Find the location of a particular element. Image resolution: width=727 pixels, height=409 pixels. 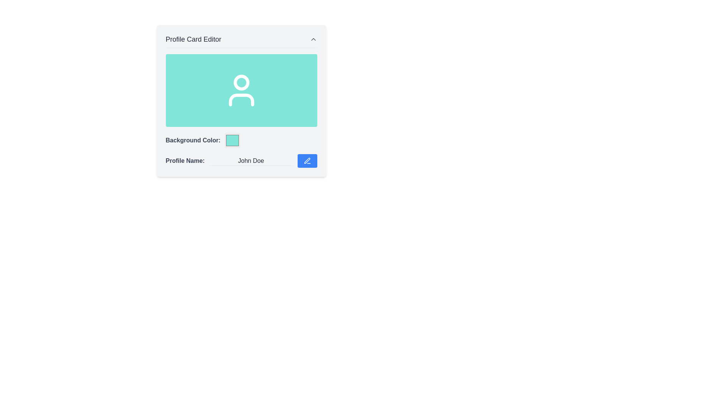

the text in the text field of the profile name editing component located below the 'Background Color' section is located at coordinates (241, 160).